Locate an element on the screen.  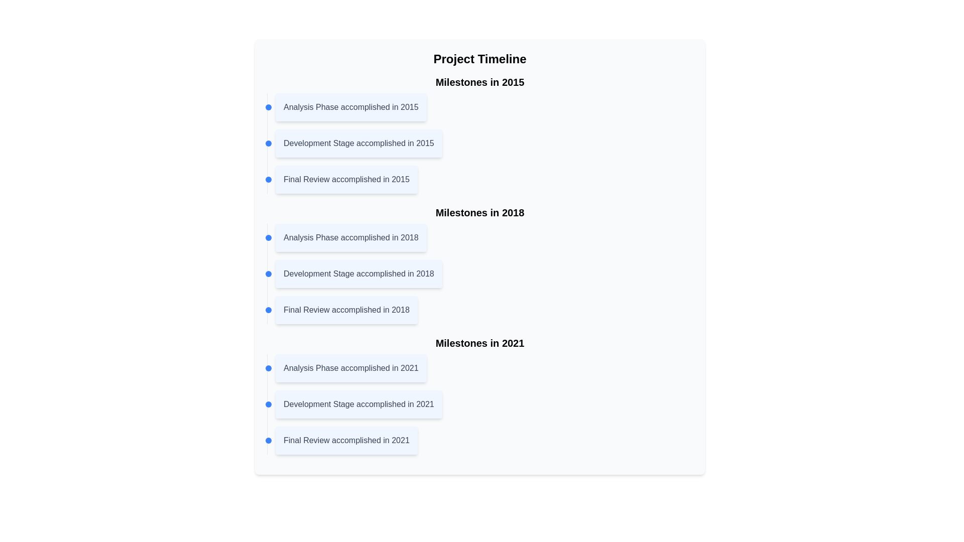
the timeline entry detailing the completion of the analysis phase in 2015, which is positioned under the 'Milestones in 2015' heading, adjacent to a blue circular marker is located at coordinates (351, 107).